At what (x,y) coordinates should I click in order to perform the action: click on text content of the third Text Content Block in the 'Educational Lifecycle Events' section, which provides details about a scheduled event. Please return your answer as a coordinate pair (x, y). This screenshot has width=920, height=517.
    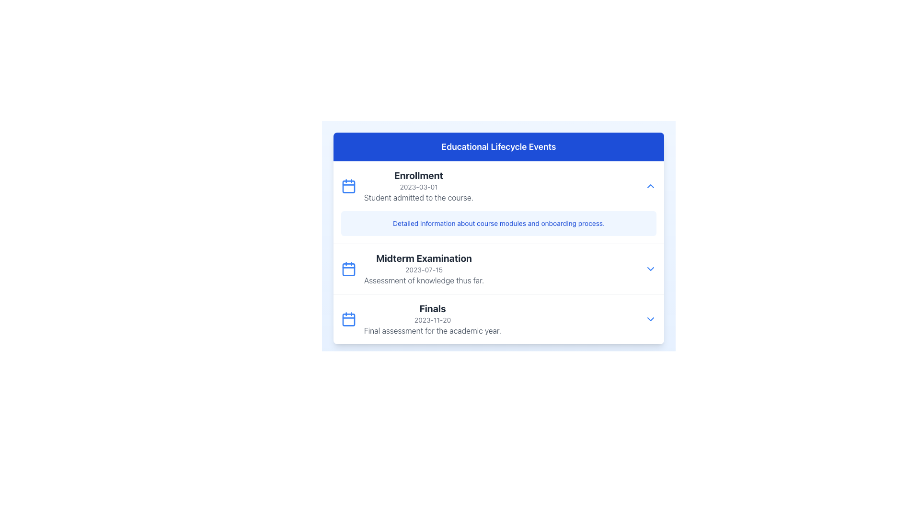
    Looking at the image, I should click on (432, 319).